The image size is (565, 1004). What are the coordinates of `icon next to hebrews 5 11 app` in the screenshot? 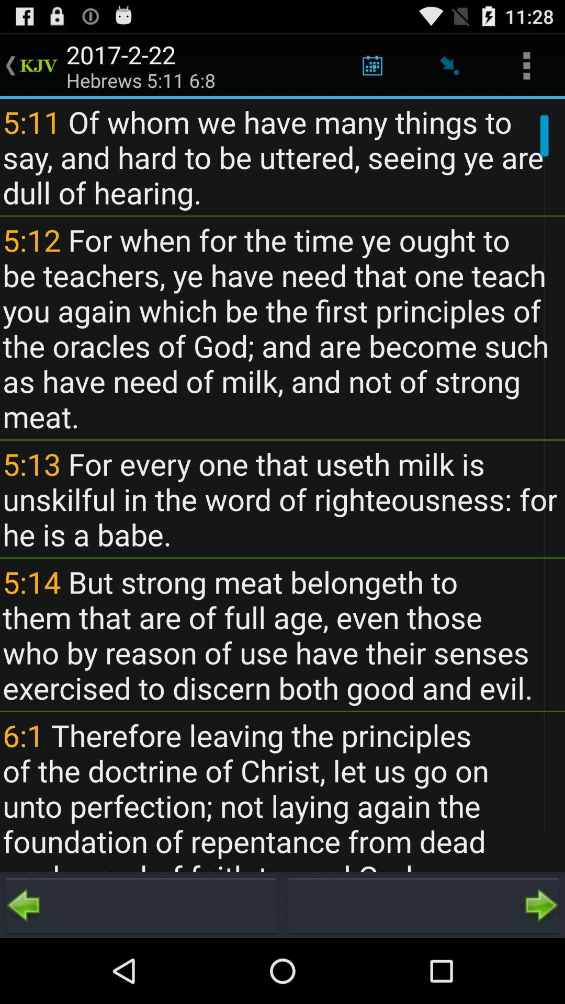 It's located at (372, 65).